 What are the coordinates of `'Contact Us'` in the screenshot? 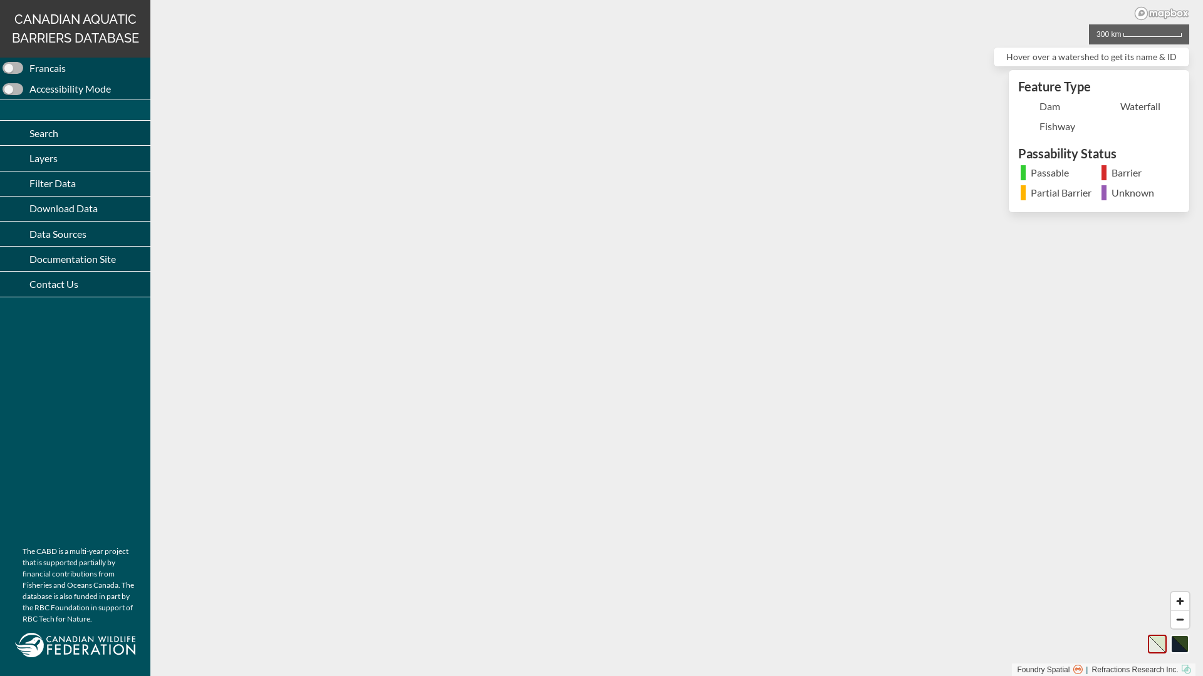 It's located at (75, 284).